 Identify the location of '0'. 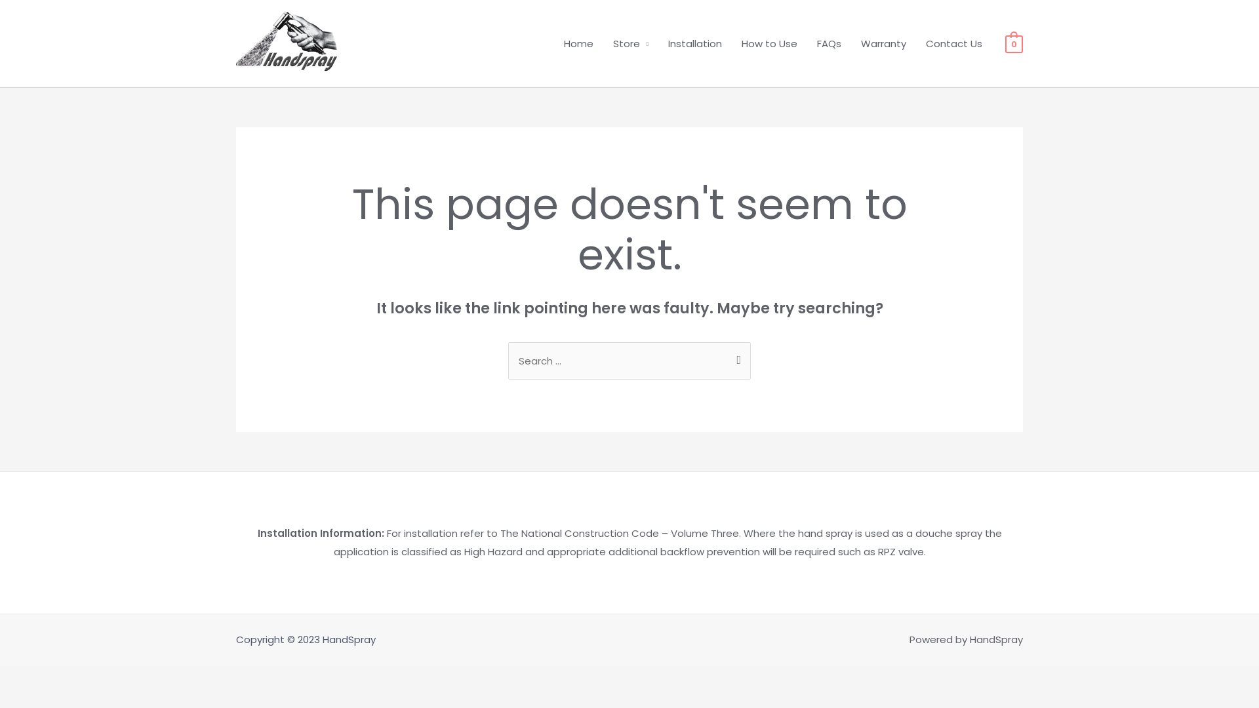
(1013, 43).